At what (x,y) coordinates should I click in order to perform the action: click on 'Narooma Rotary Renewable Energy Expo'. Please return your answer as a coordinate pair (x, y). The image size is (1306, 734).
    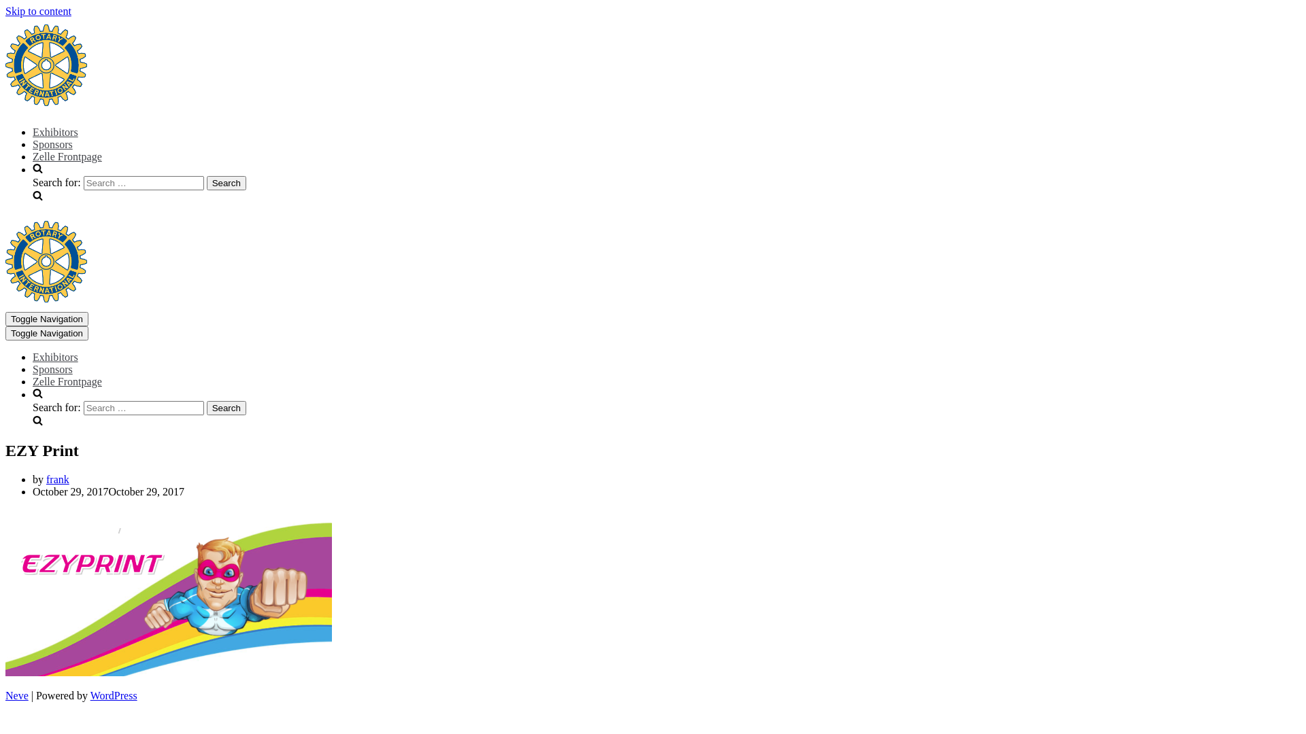
    Looking at the image, I should click on (46, 298).